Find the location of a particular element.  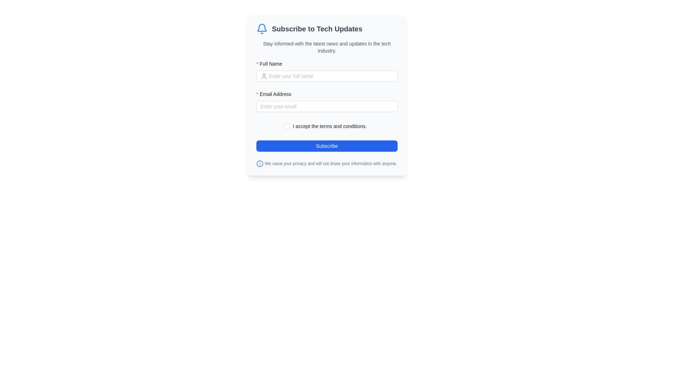

the 'Subscribe' button, which has a blue background and white text, located at the bottom of the form section for submitting the form is located at coordinates (327, 145).